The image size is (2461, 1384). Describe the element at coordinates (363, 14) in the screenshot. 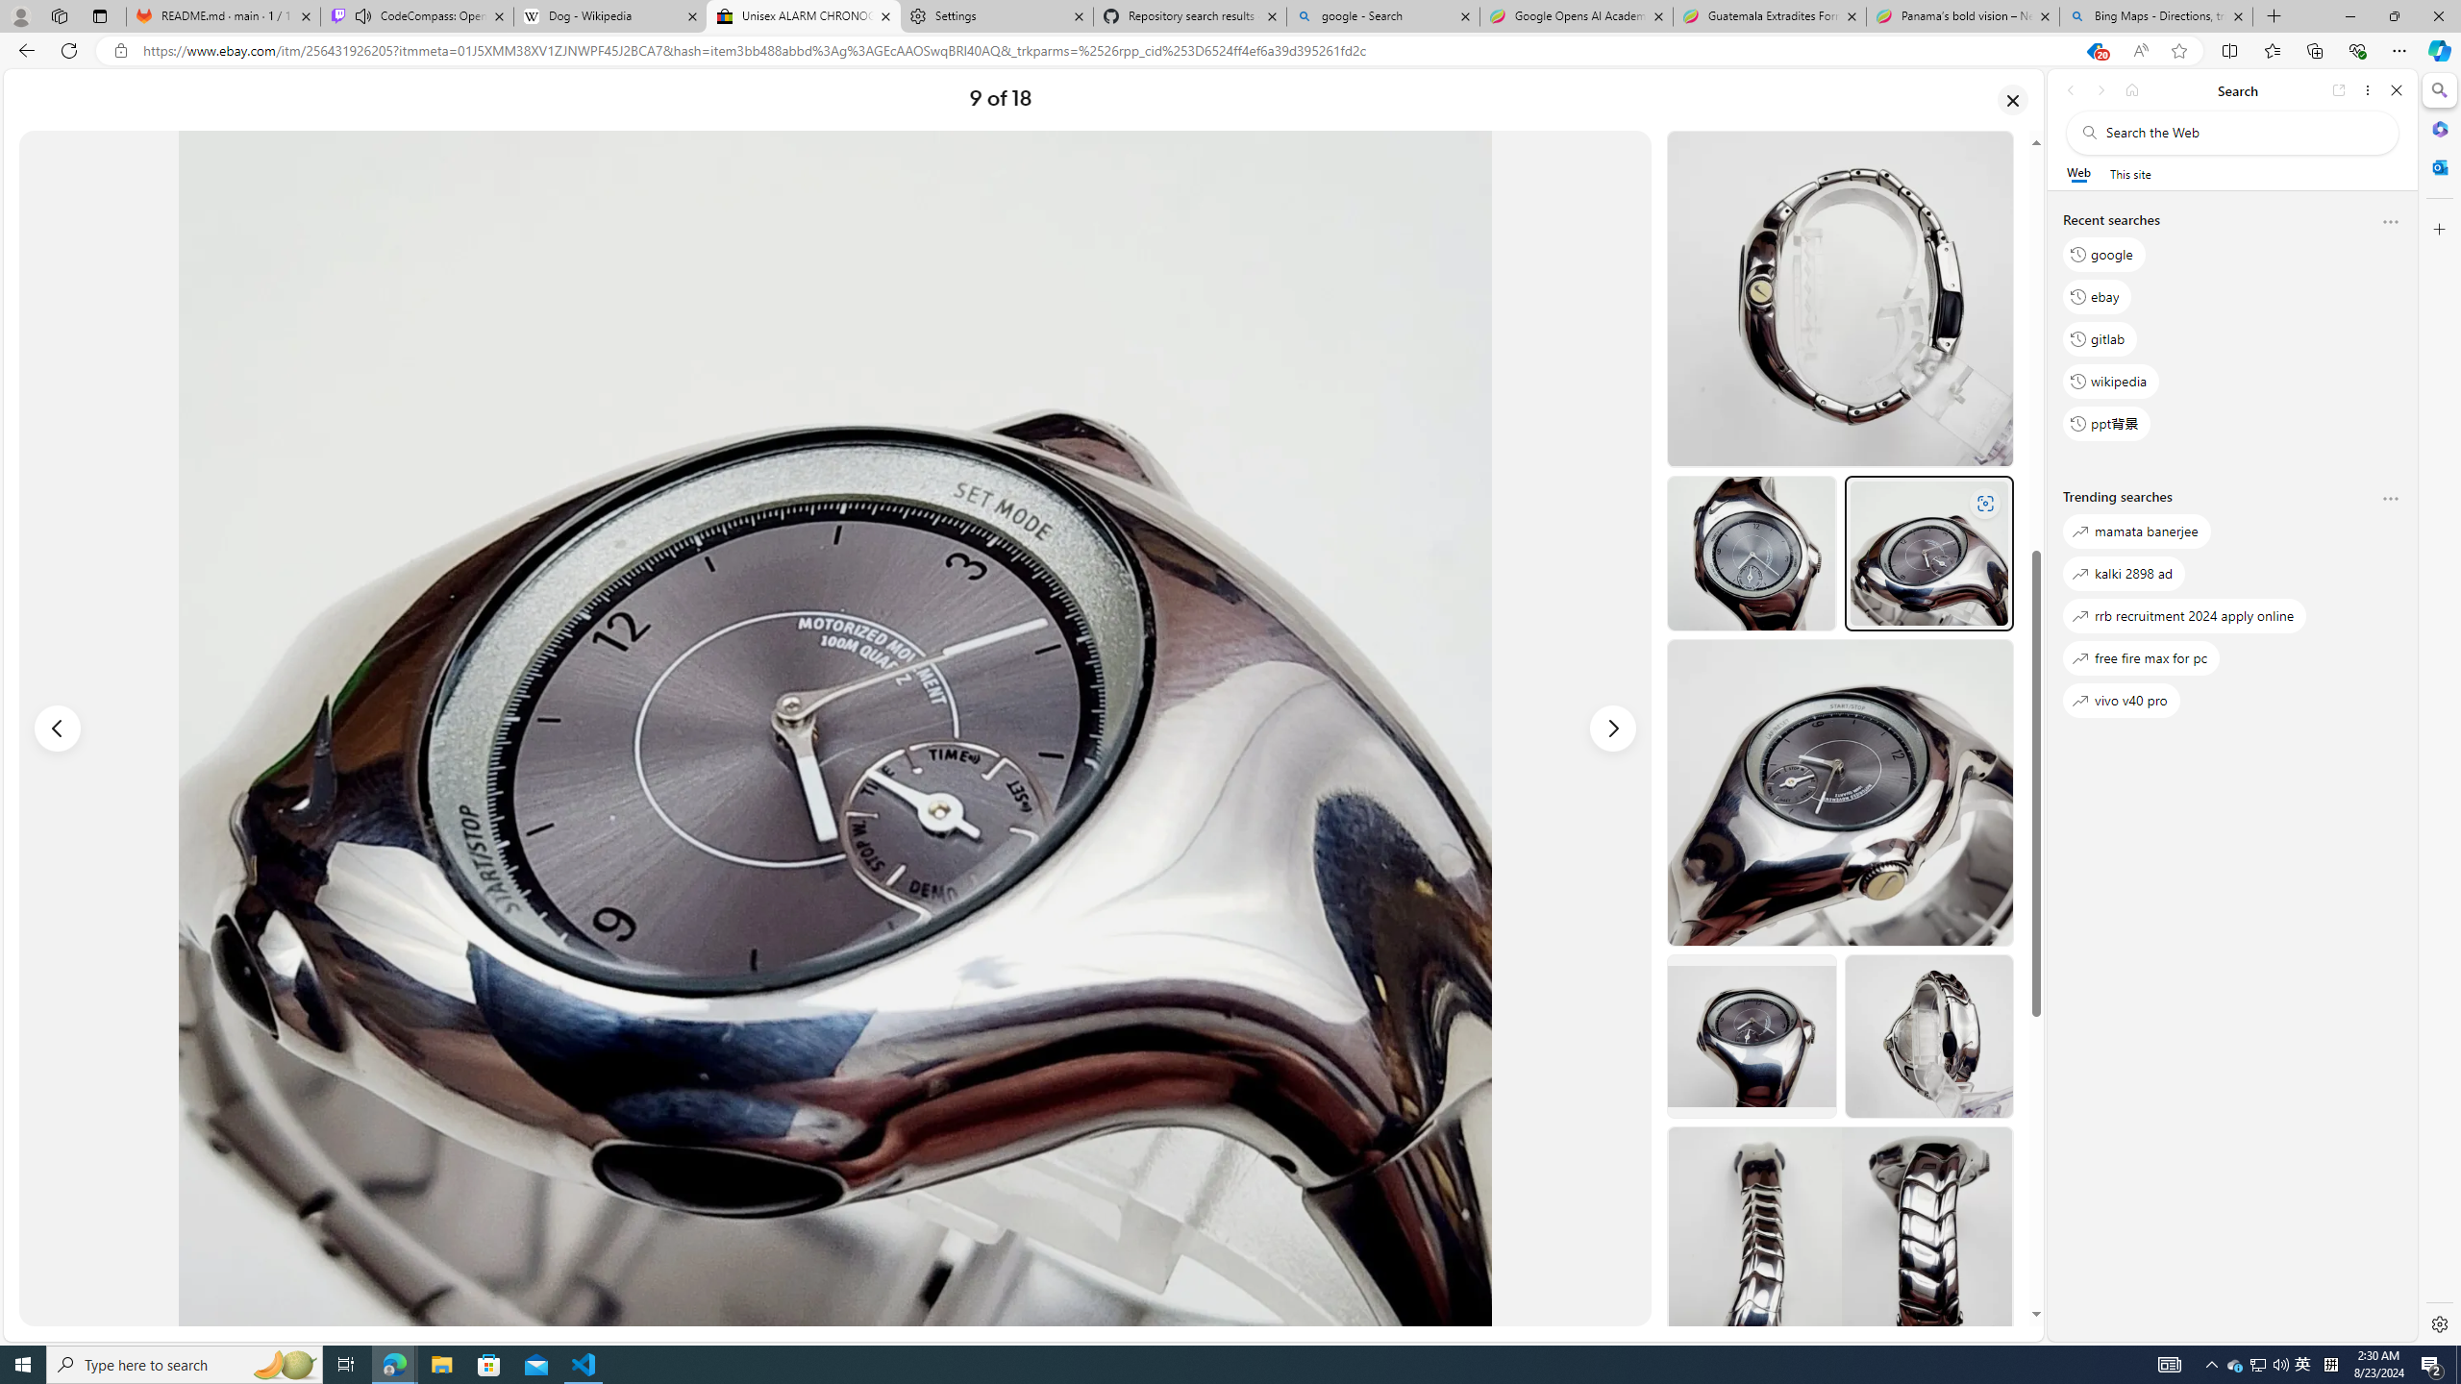

I see `'Mute tab'` at that location.